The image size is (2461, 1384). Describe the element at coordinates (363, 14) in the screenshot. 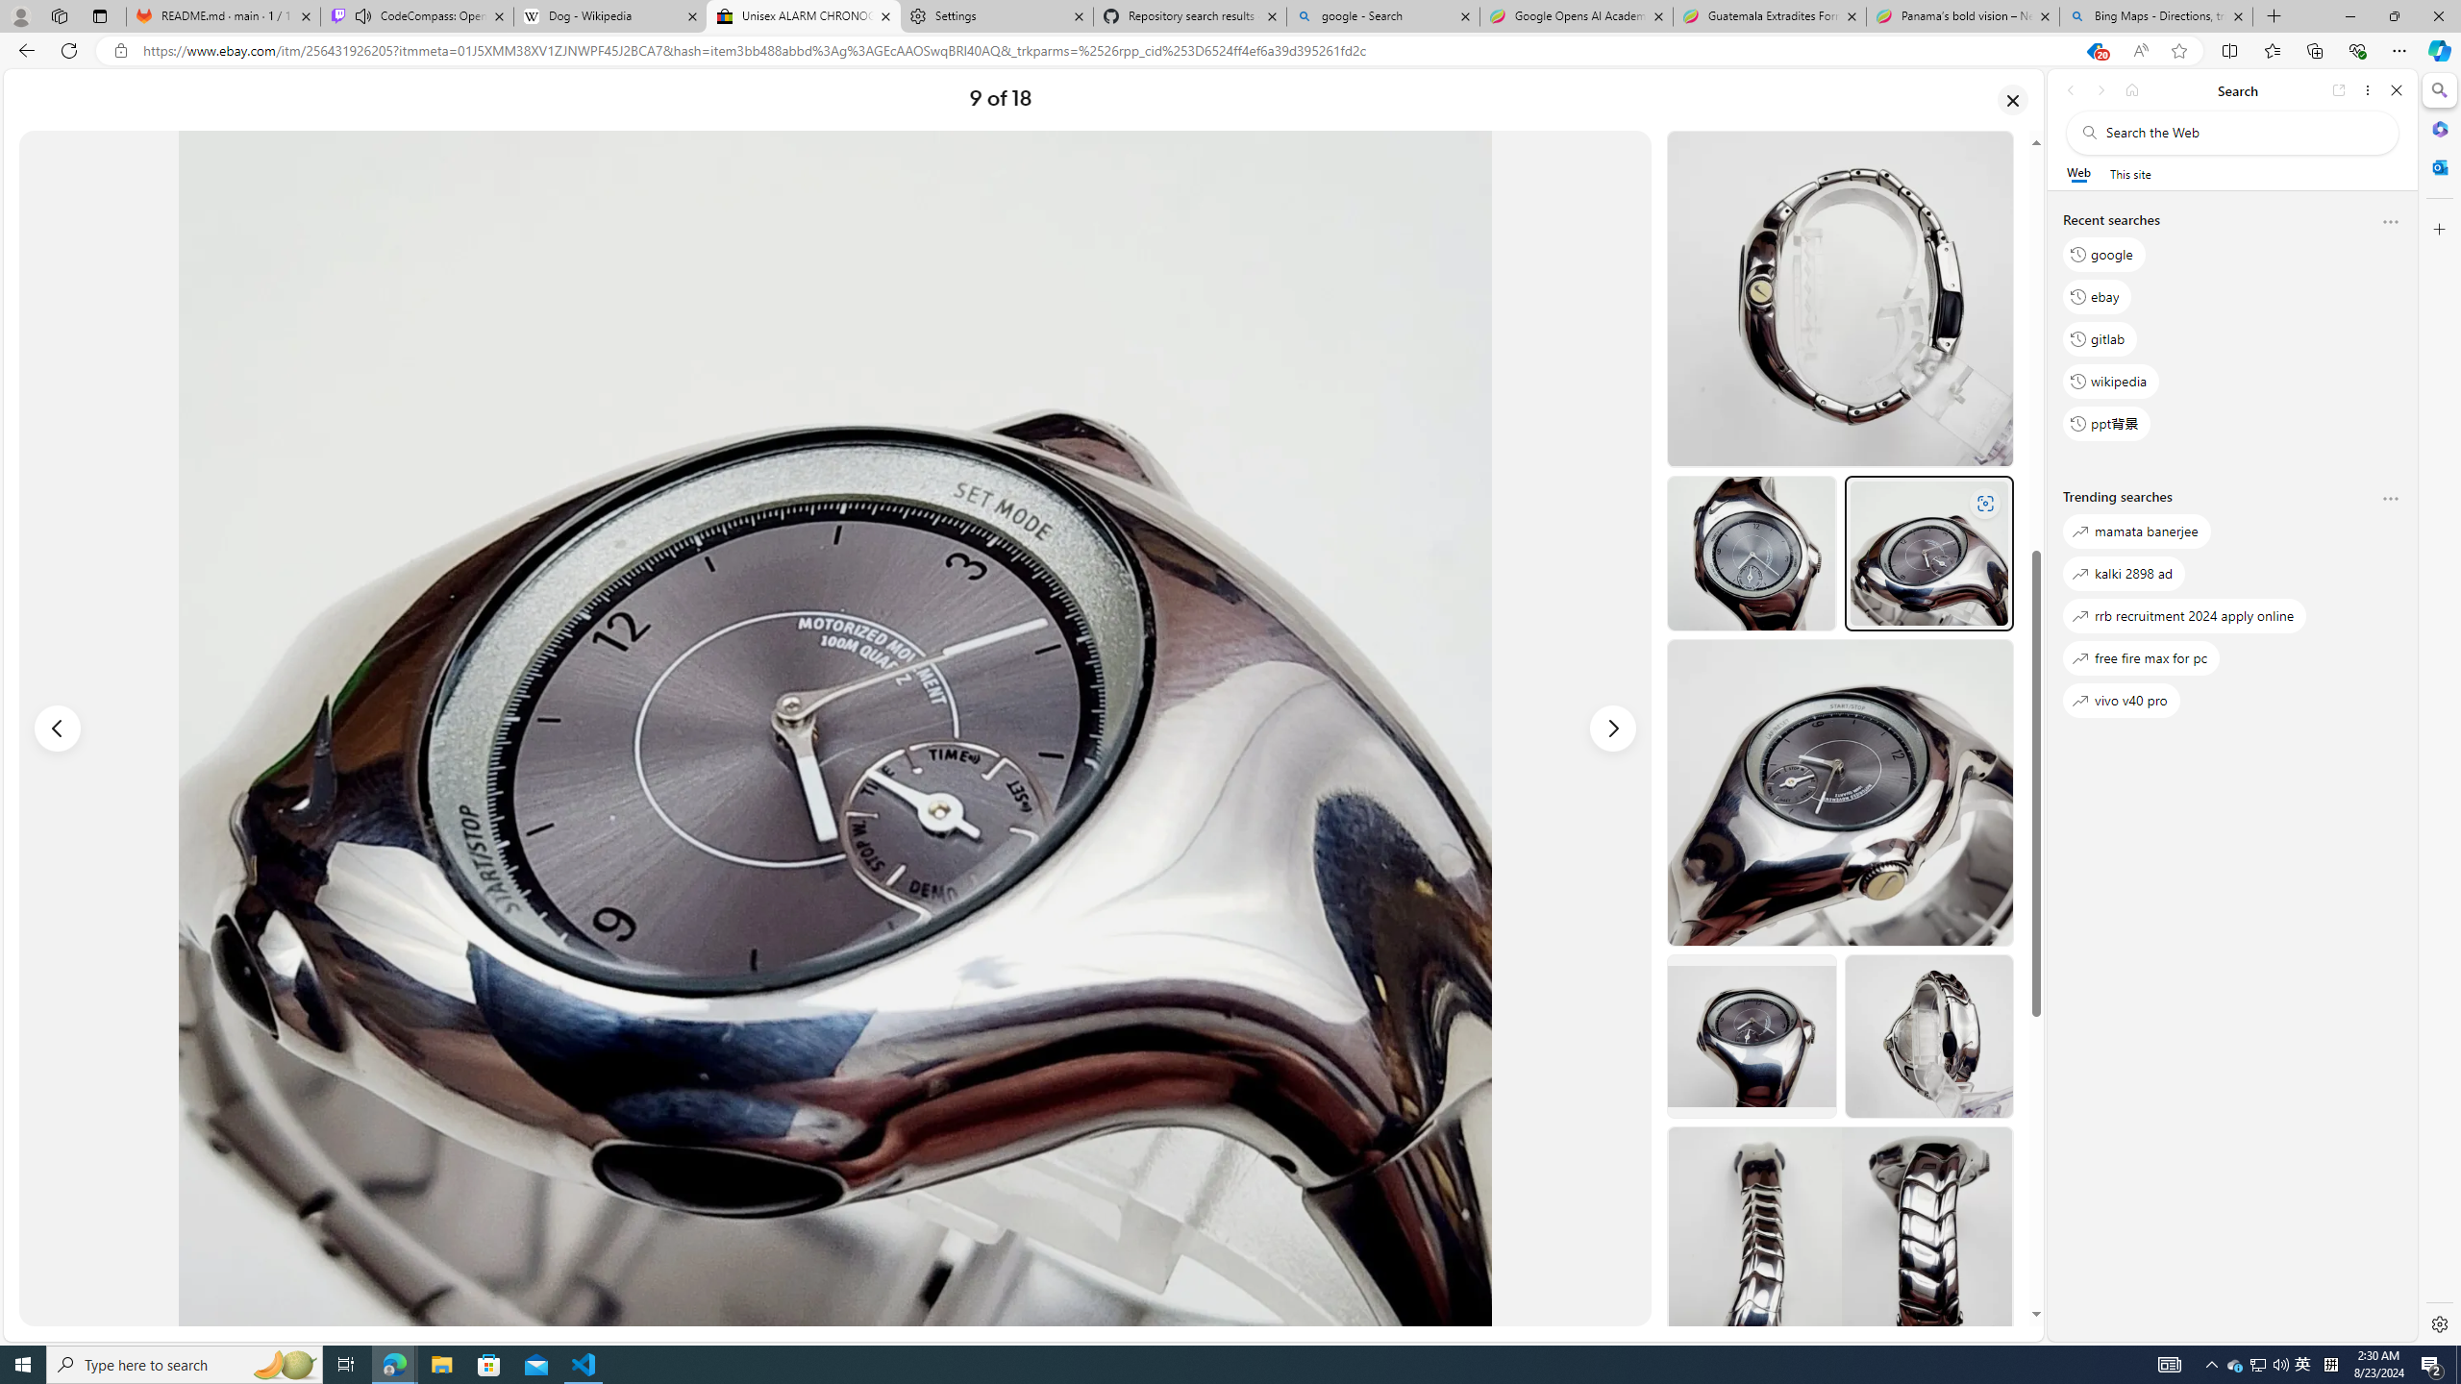

I see `'Mute tab'` at that location.